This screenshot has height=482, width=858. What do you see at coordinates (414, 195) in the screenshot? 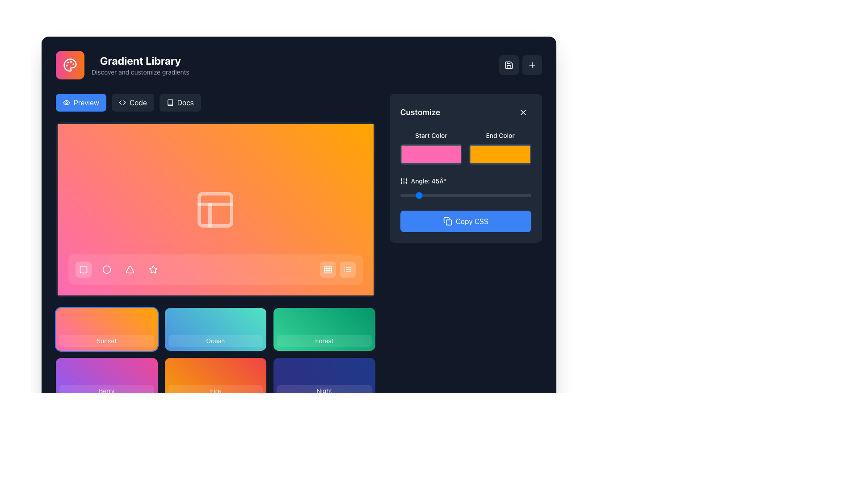
I see `the angle` at bounding box center [414, 195].